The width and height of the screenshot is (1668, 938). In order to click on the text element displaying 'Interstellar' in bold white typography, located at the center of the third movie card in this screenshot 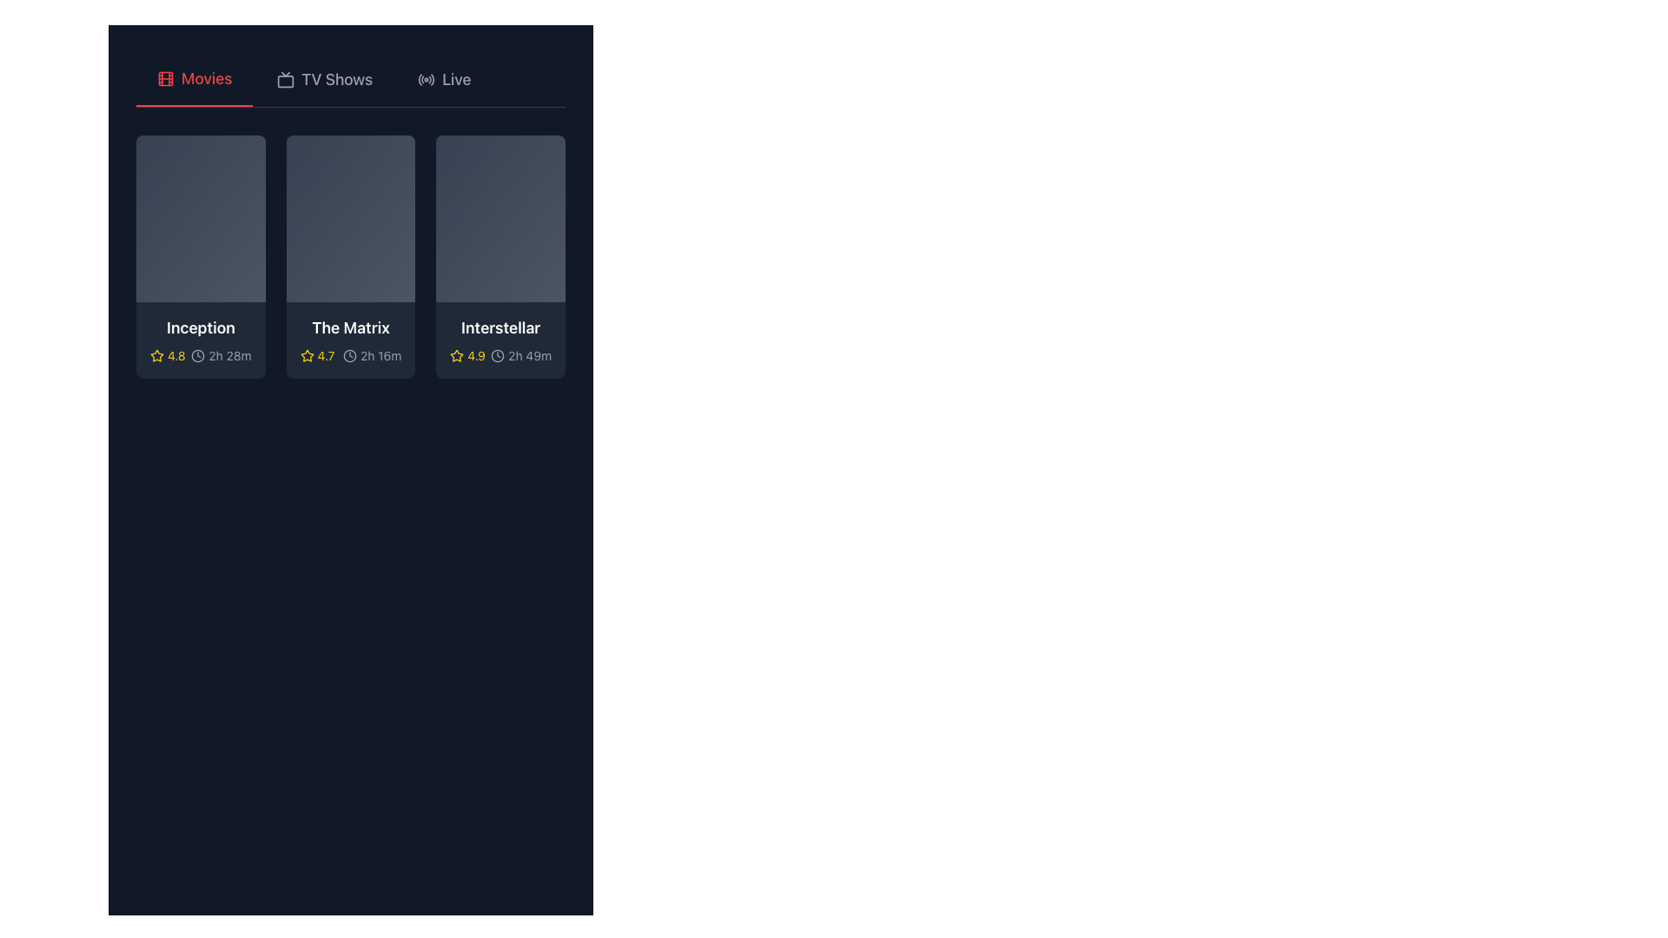, I will do `click(500, 328)`.